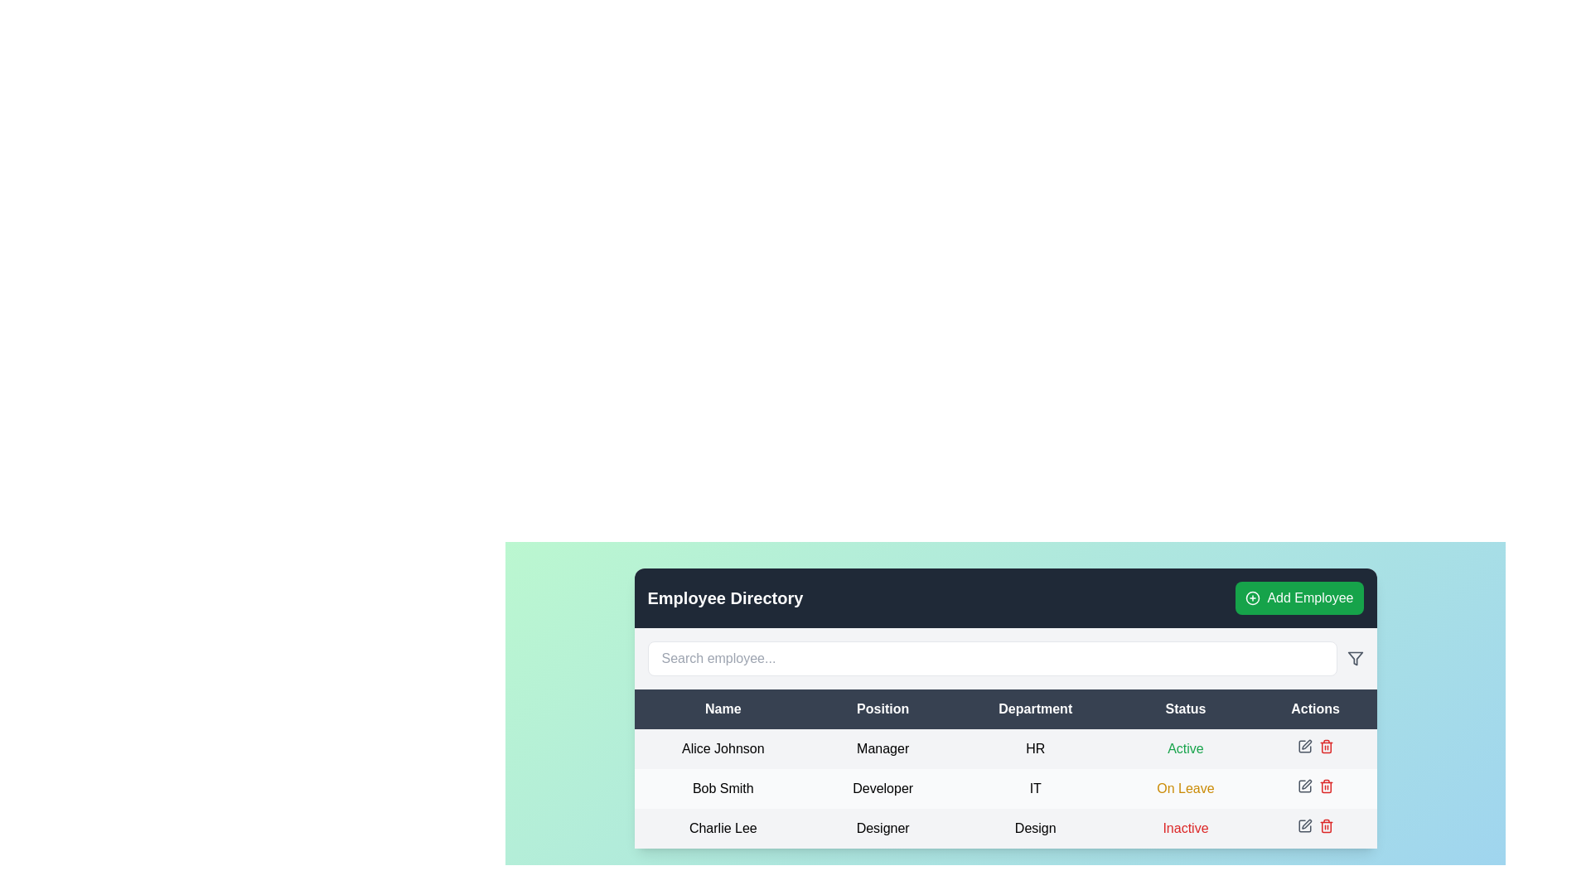 The width and height of the screenshot is (1591, 895). What do you see at coordinates (1184, 788) in the screenshot?
I see `the 'On Leave' status label in the employee directory table, located in the fourth column of the second row` at bounding box center [1184, 788].